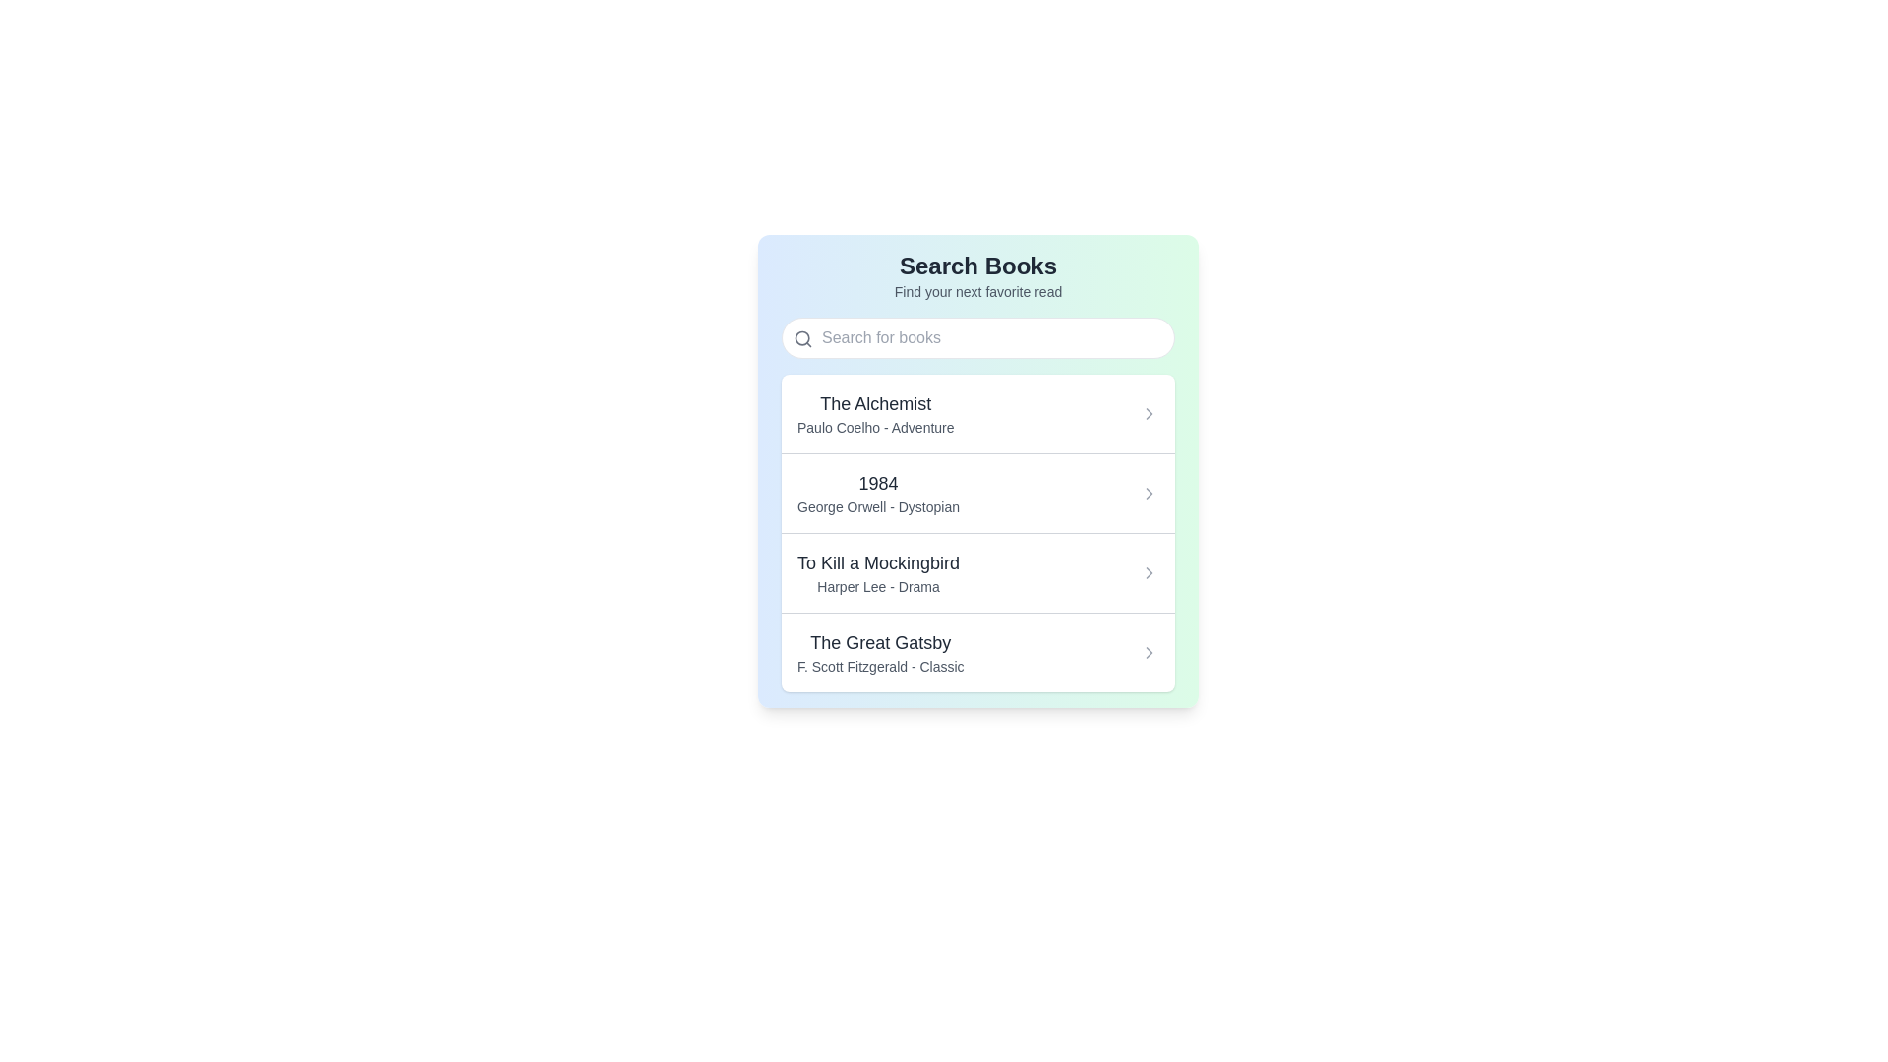  What do you see at coordinates (1150, 572) in the screenshot?
I see `the chevron icon on the right side of the row labeled 'To Kill a Mockingbird Harper Lee - Drama'` at bounding box center [1150, 572].